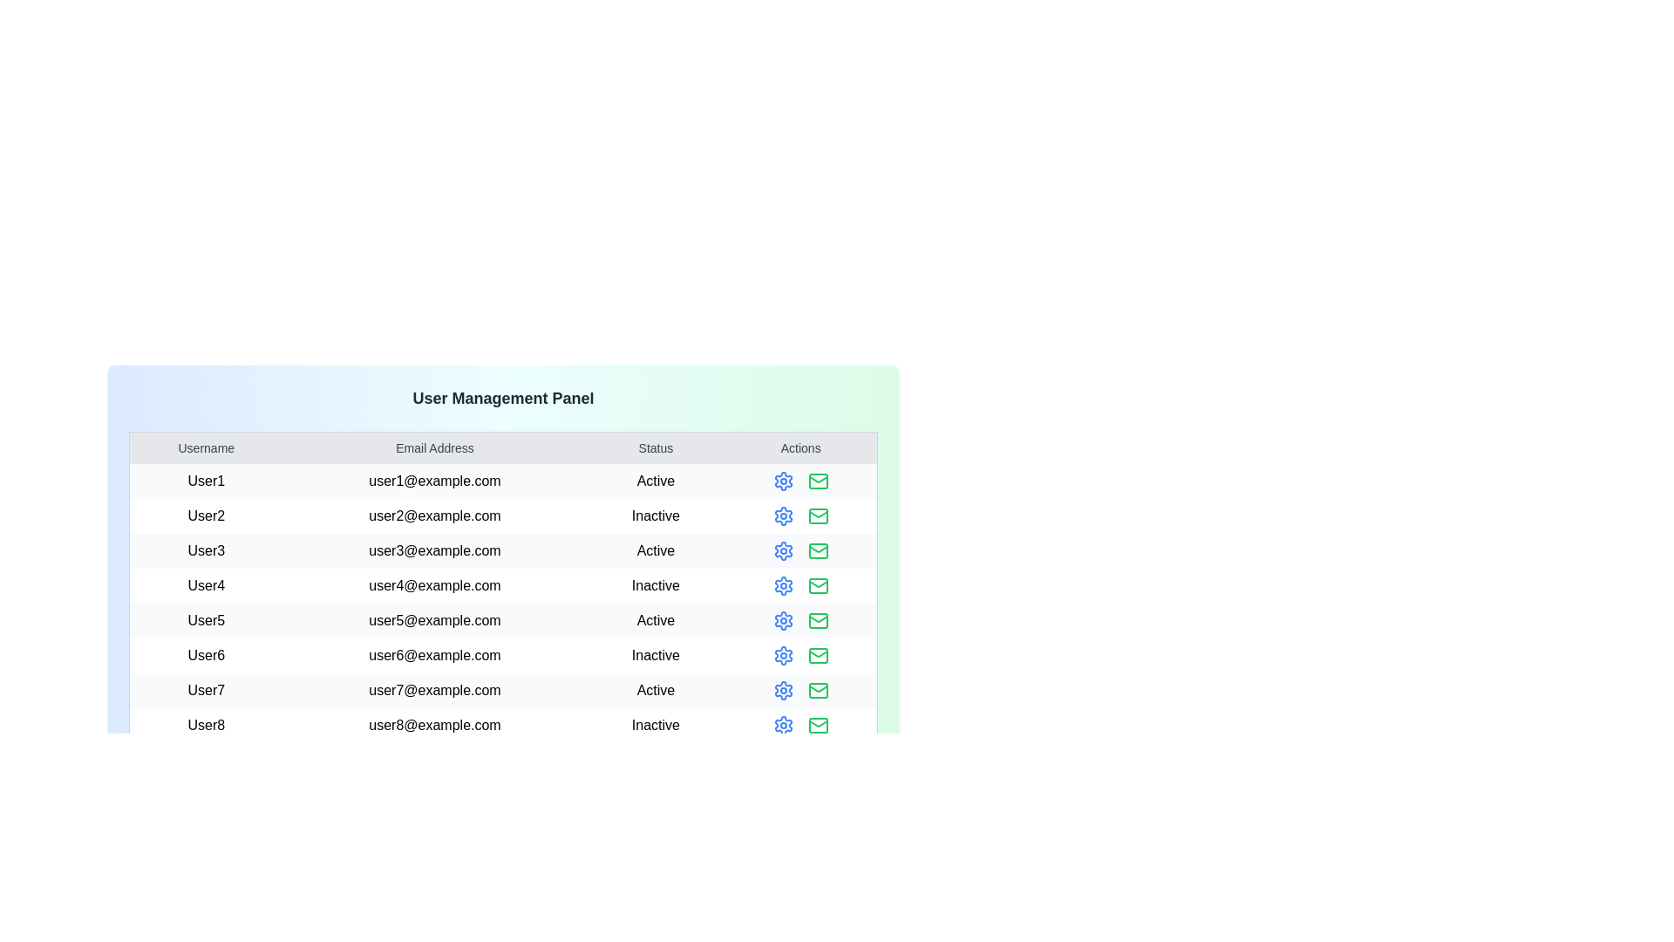 This screenshot has width=1674, height=942. Describe the element at coordinates (782, 481) in the screenshot. I see `the settings icon in the actions column for User1` at that location.